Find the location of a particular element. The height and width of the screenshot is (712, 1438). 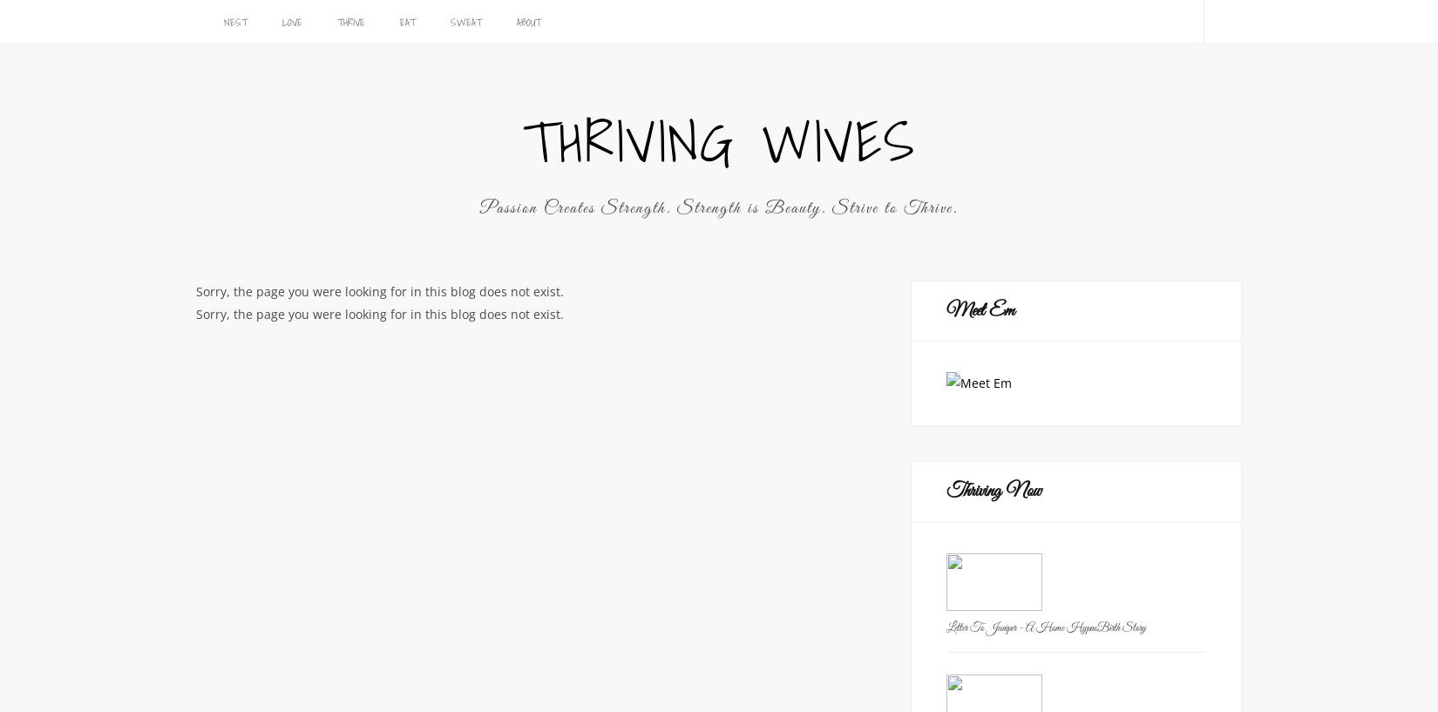

'Self motivating tips and ways to stay in control' is located at coordinates (425, 64).